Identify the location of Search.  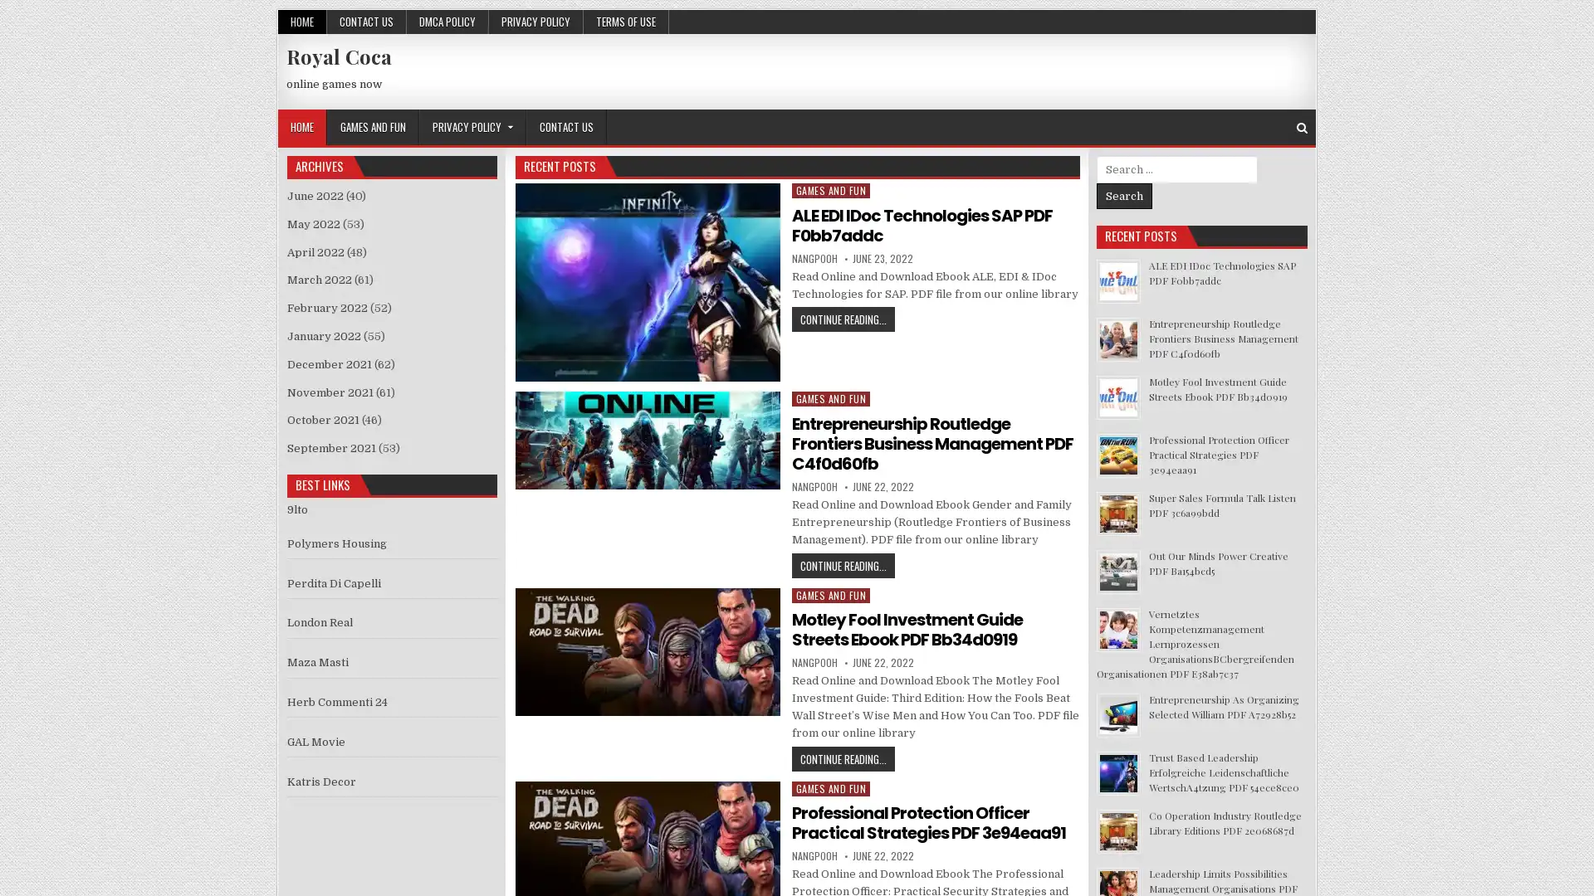
(1124, 195).